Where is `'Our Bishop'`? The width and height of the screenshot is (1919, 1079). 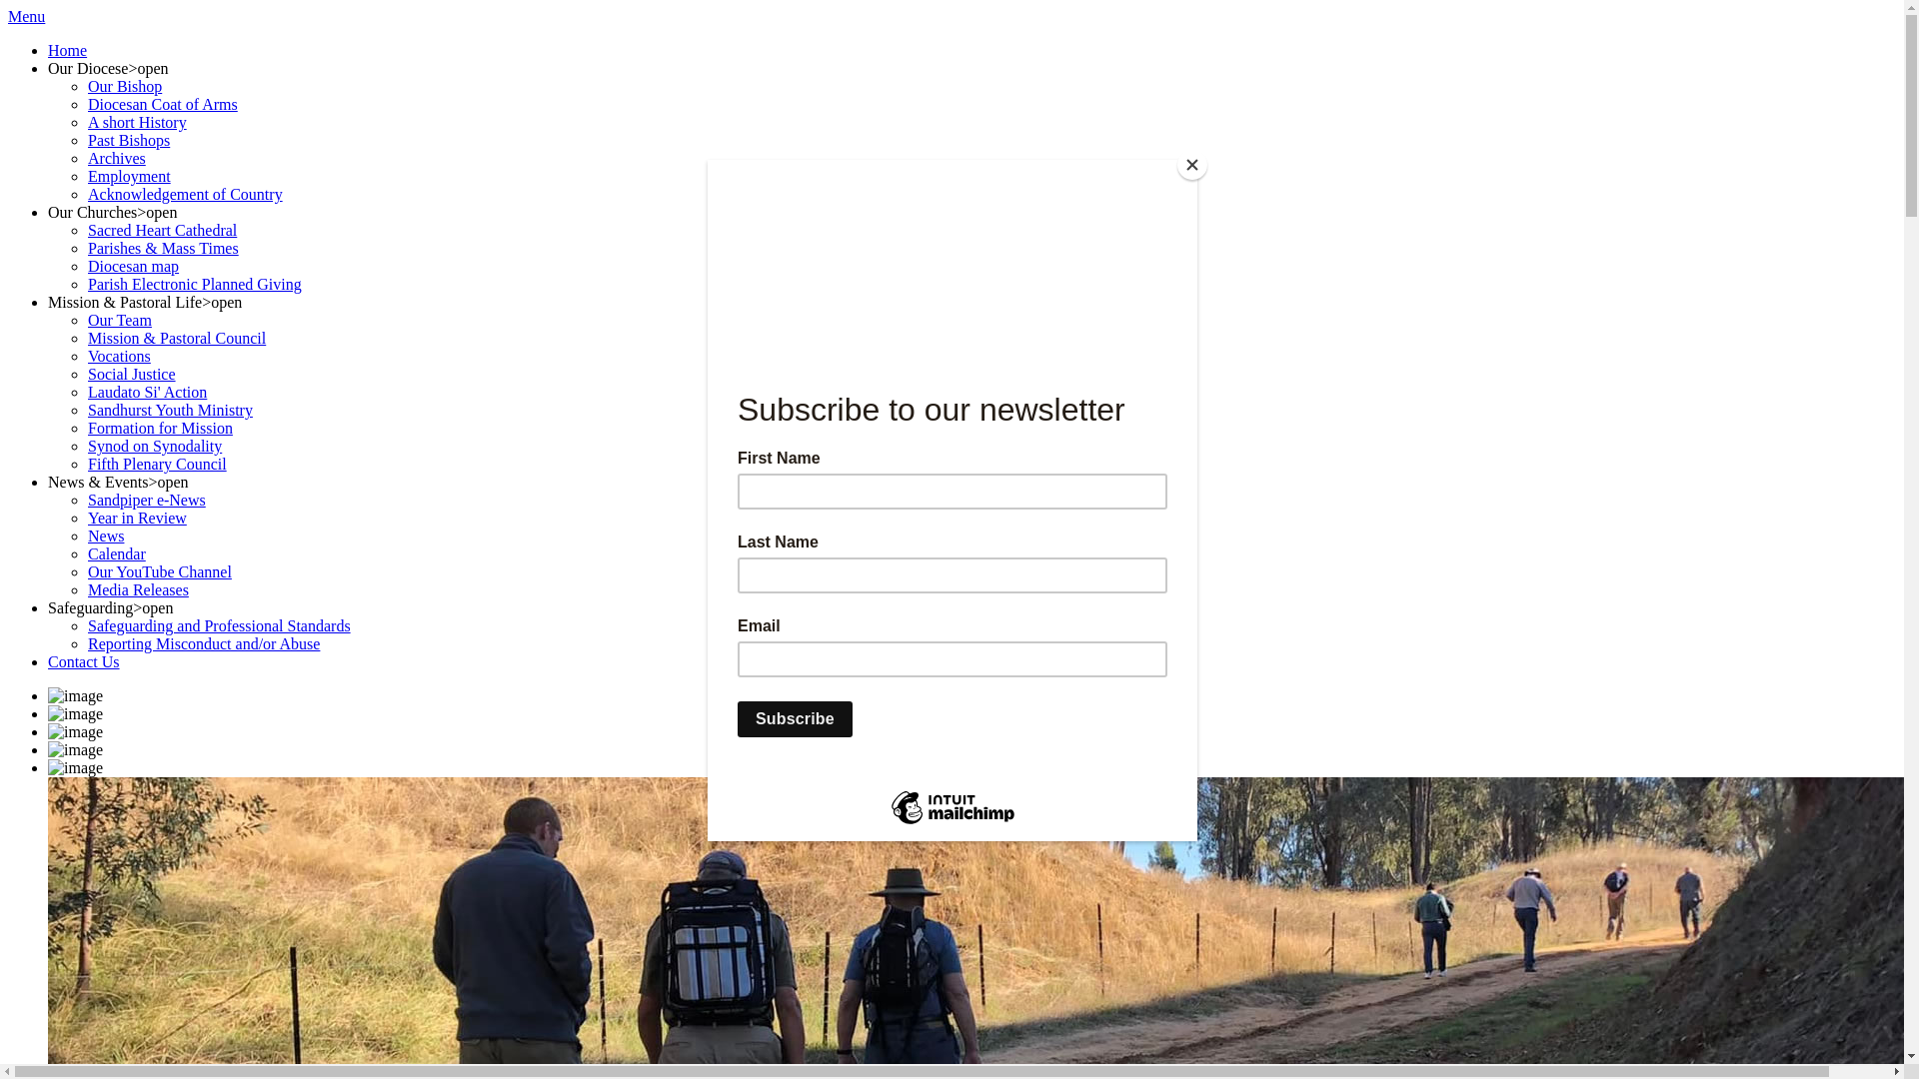
'Our Bishop' is located at coordinates (123, 85).